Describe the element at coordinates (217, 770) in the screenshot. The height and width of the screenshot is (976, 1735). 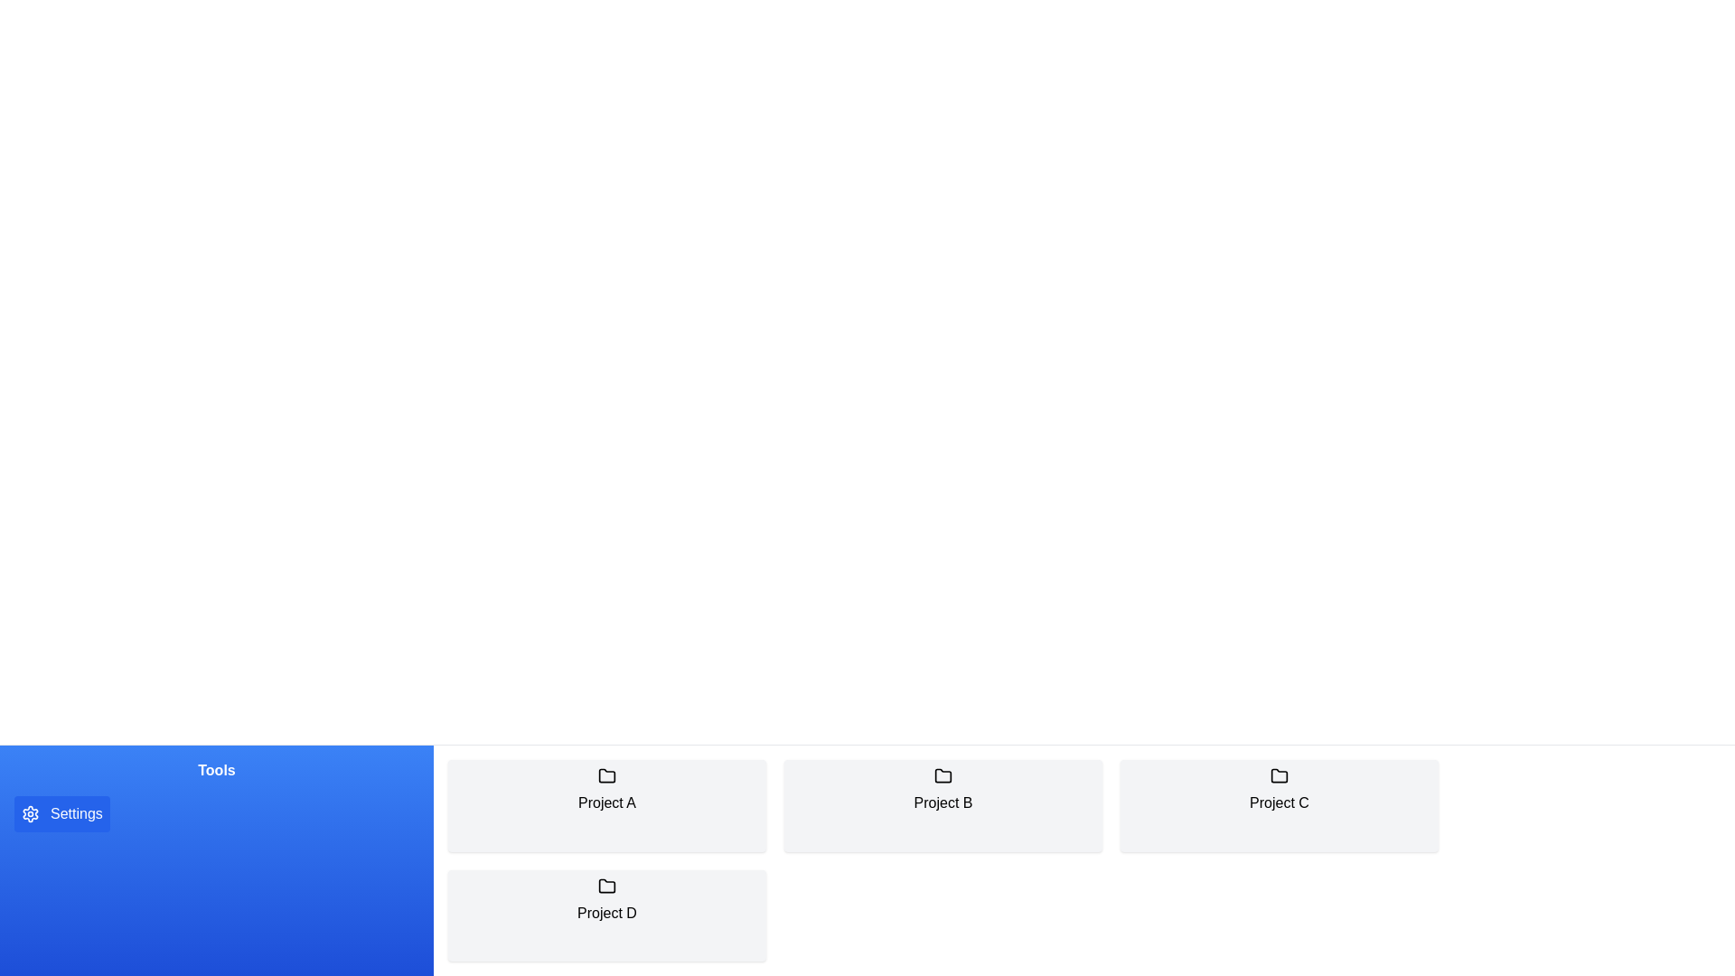
I see `the 'Tools' text label, which is bold and white on a gradient blue background, located at the top-left corner of the 'Tools Settings' section` at that location.